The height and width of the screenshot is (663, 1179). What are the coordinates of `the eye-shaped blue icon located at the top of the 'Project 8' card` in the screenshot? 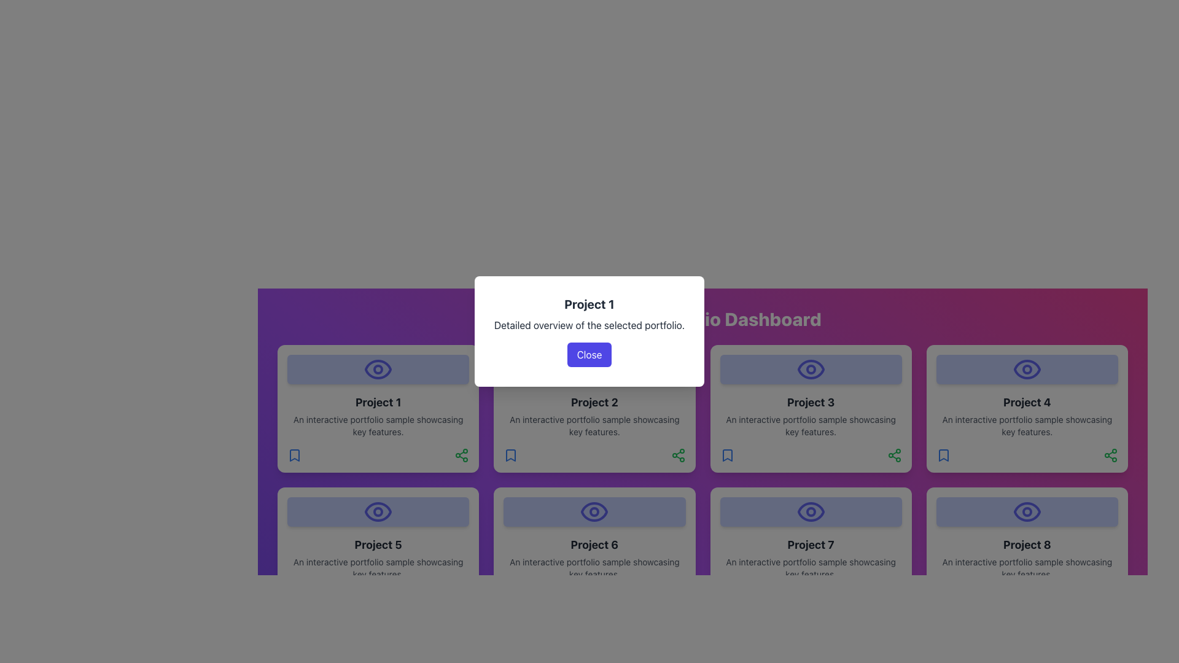 It's located at (1027, 511).